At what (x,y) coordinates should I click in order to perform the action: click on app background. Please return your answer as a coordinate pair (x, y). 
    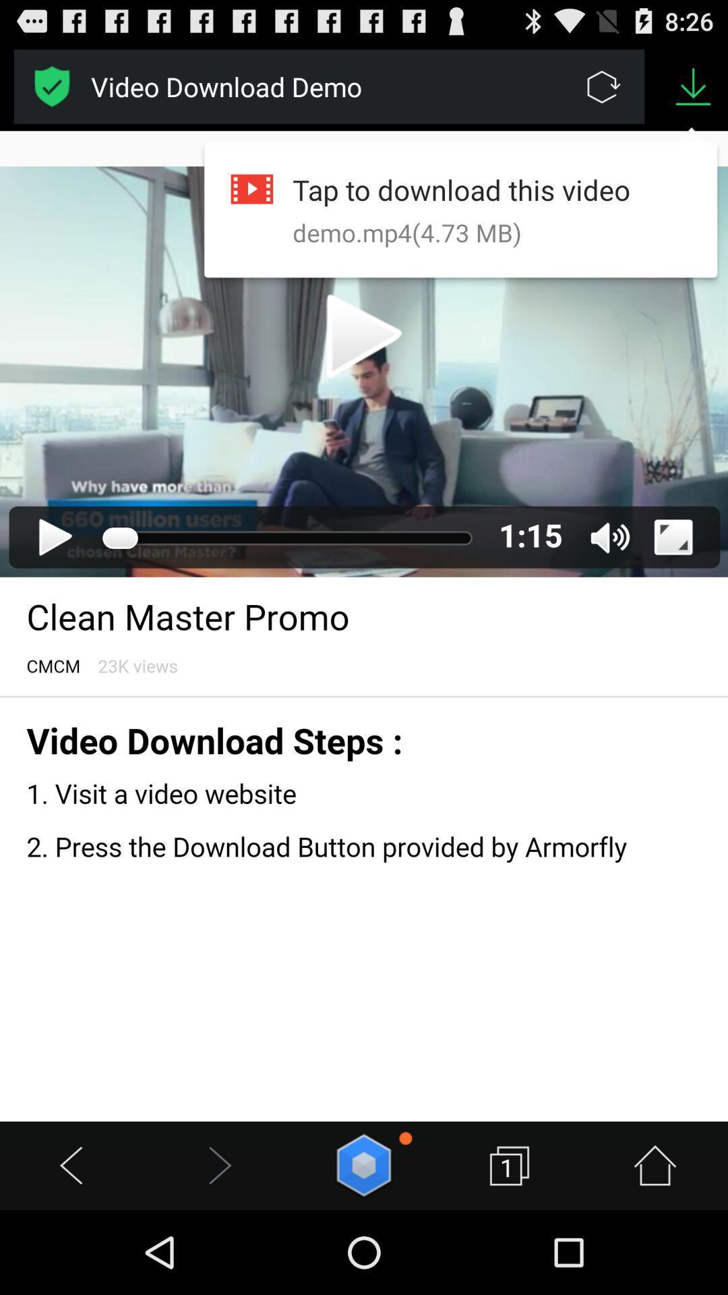
    Looking at the image, I should click on (364, 625).